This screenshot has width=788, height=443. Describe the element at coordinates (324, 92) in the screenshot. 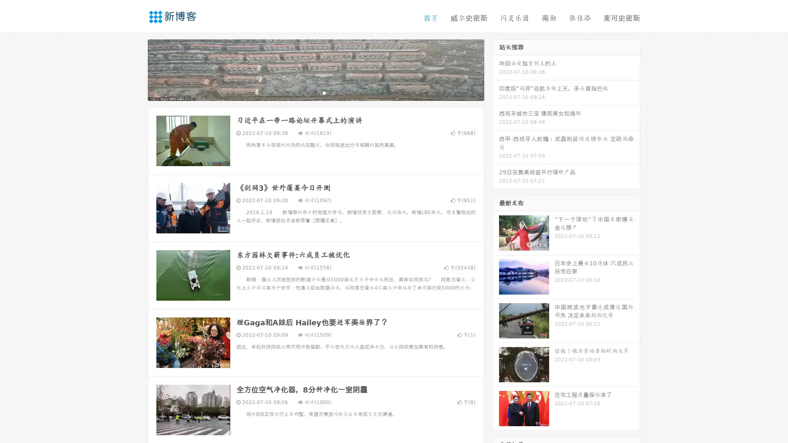

I see `Go to slide 3` at that location.